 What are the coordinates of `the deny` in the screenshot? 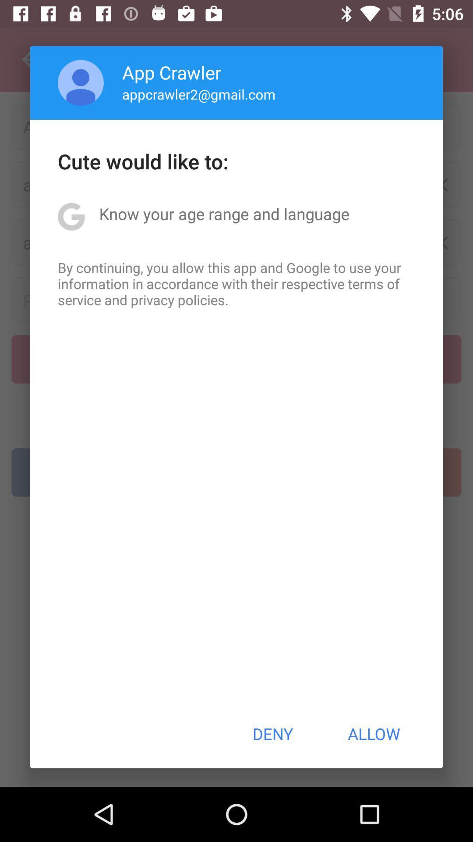 It's located at (272, 734).